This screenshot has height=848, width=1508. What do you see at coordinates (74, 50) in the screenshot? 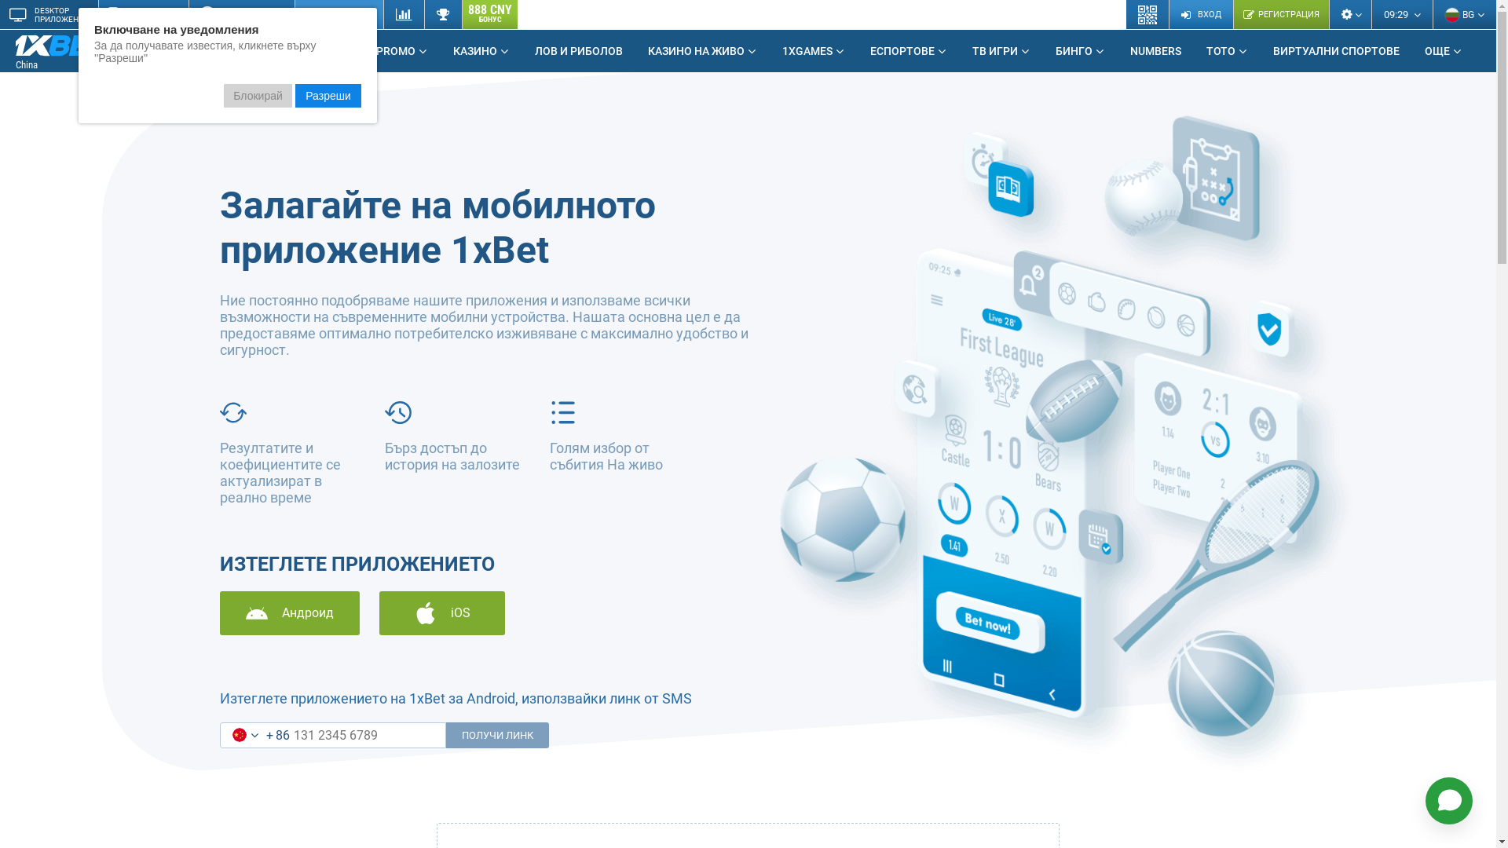
I see `'China'` at bounding box center [74, 50].